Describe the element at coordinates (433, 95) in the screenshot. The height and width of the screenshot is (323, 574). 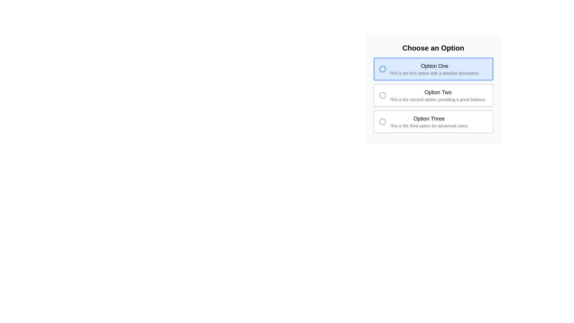
I see `the 'Option Two' radio button in the 'Choose an Option' panel` at that location.